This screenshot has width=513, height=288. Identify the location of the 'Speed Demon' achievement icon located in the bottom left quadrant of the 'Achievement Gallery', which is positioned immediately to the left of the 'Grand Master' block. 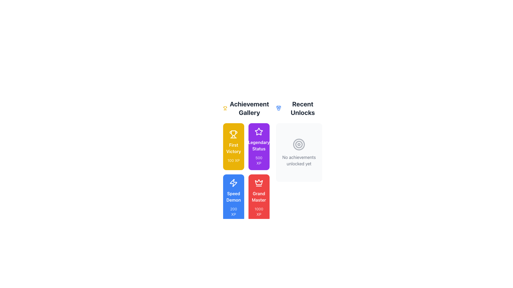
(234, 183).